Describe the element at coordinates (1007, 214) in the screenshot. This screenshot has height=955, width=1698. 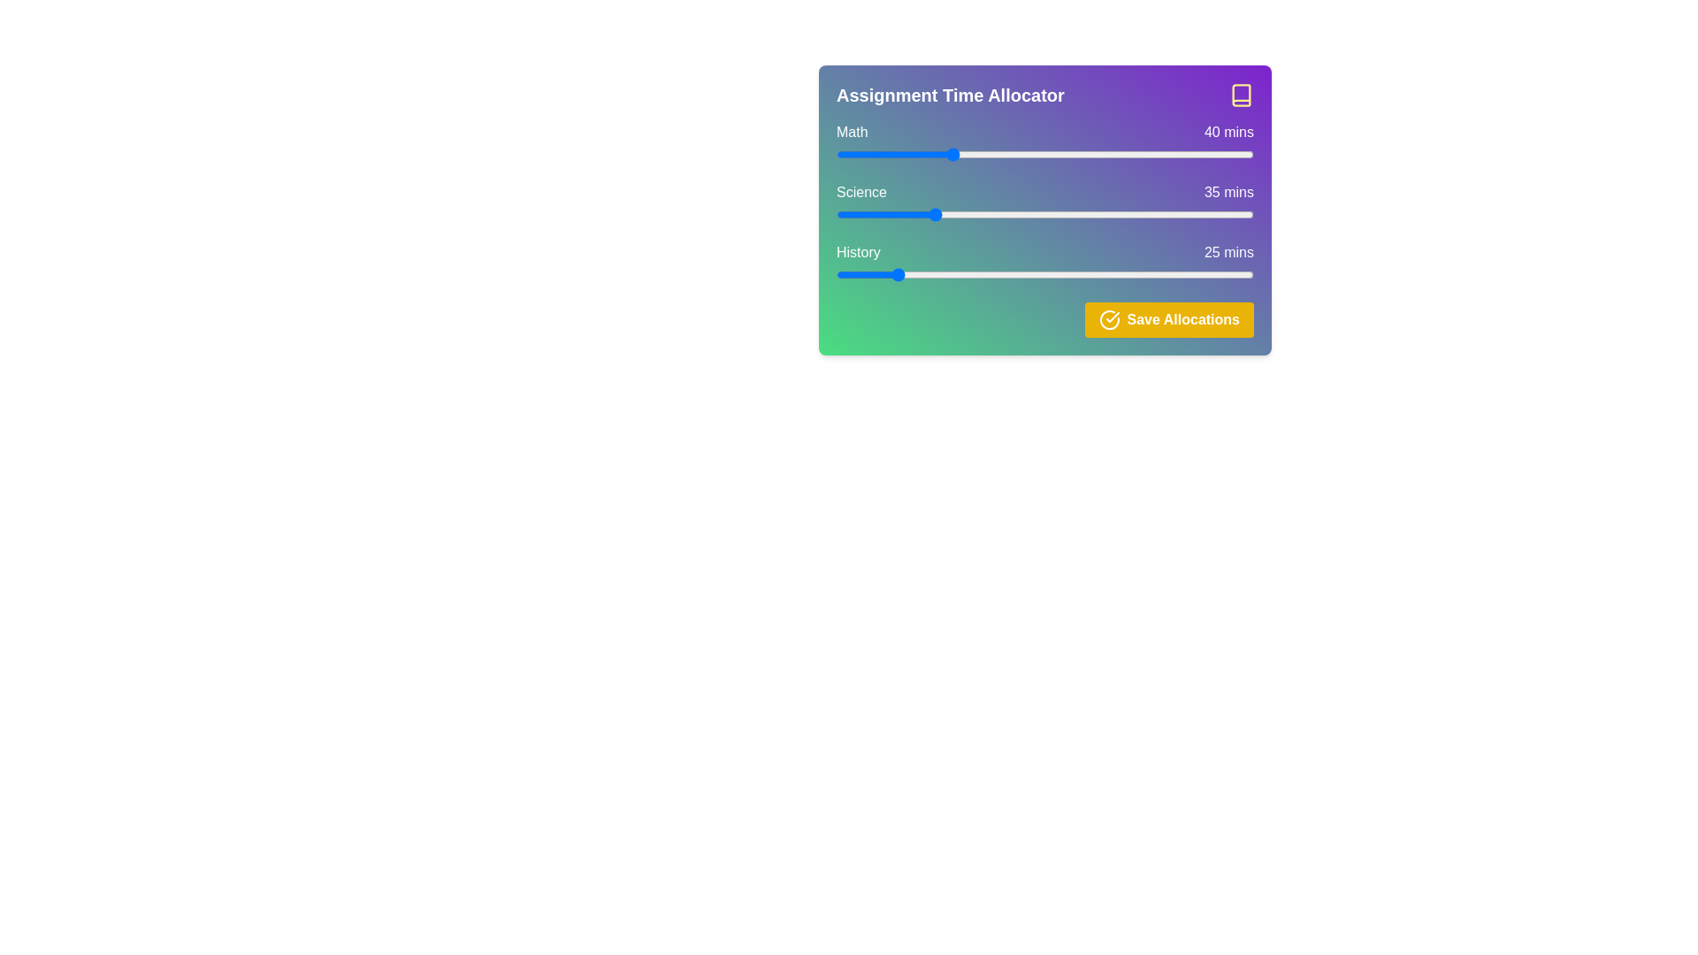
I see `allocation time` at that location.